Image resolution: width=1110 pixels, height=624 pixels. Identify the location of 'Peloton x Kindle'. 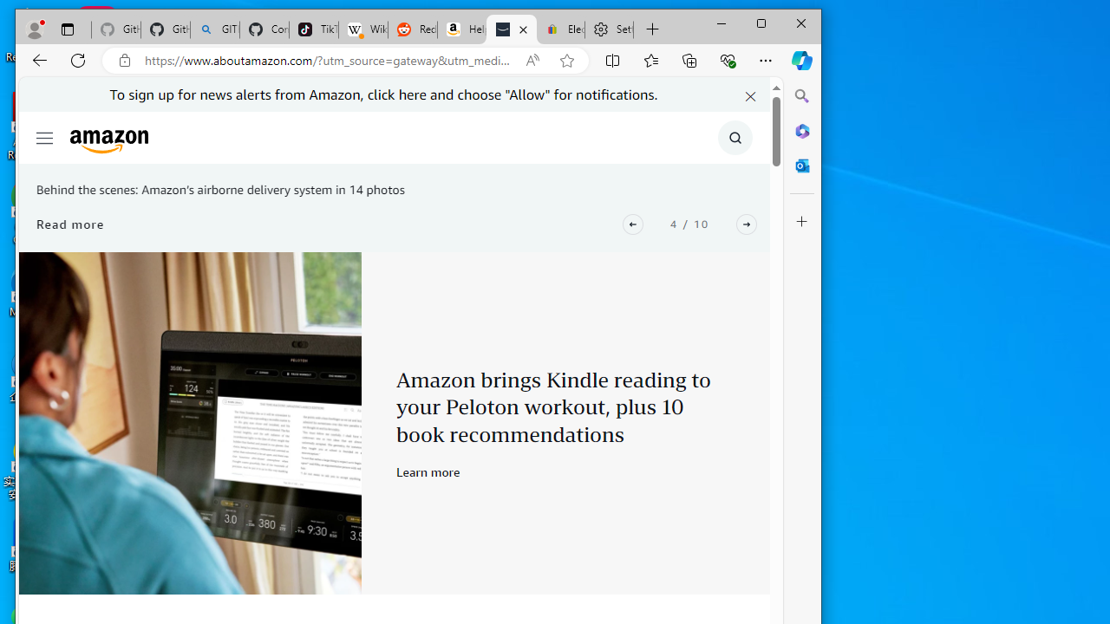
(190, 423).